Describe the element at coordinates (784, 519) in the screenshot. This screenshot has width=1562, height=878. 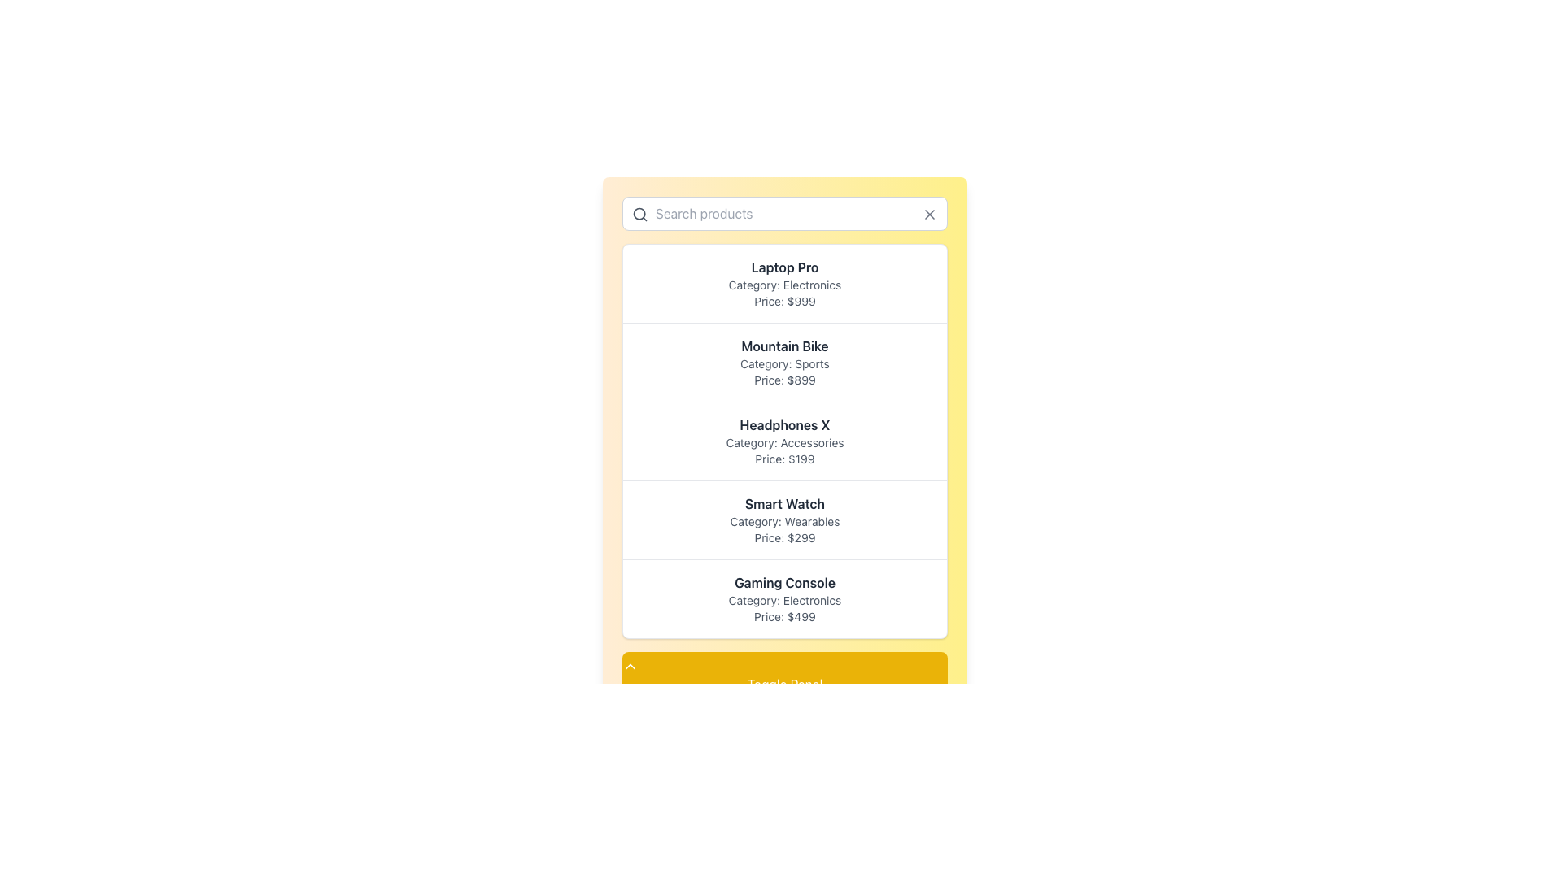
I see `to select the Smart Watch product displayed in the fourth position of the vertical list of product cards` at that location.